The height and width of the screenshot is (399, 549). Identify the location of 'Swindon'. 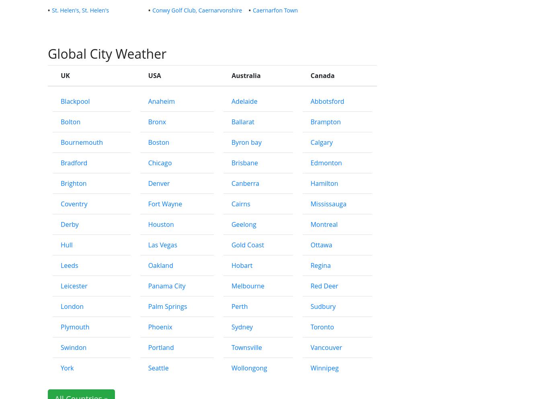
(73, 347).